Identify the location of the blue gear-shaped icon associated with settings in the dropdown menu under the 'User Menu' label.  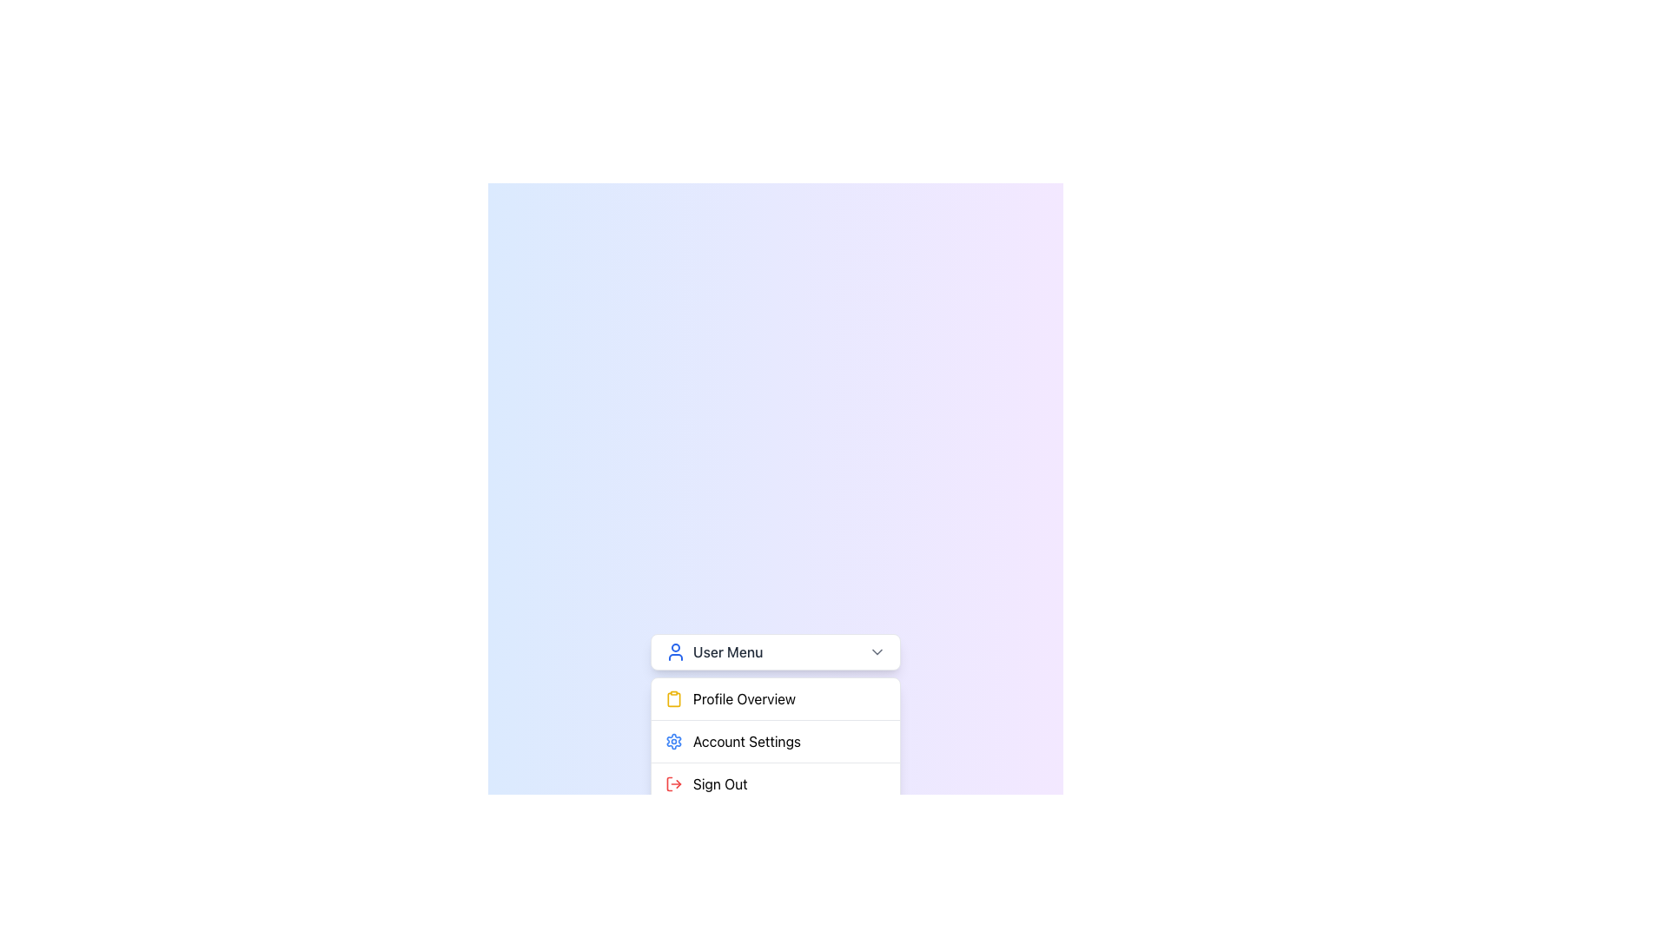
(673, 741).